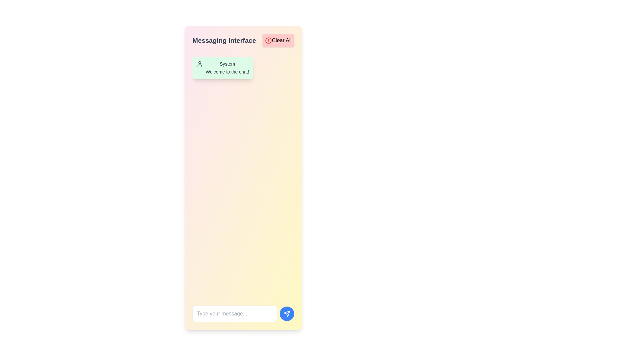 The width and height of the screenshot is (634, 356). What do you see at coordinates (227, 72) in the screenshot?
I see `the text label displaying 'Welcome to the chat!' which is styled within a light green chat bubble and positioned beneath the 'System' text` at bounding box center [227, 72].